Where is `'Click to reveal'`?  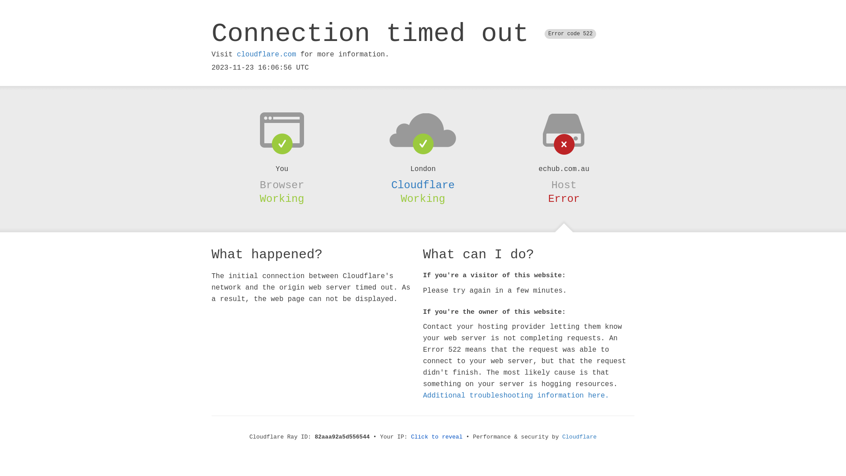 'Click to reveal' is located at coordinates (410, 437).